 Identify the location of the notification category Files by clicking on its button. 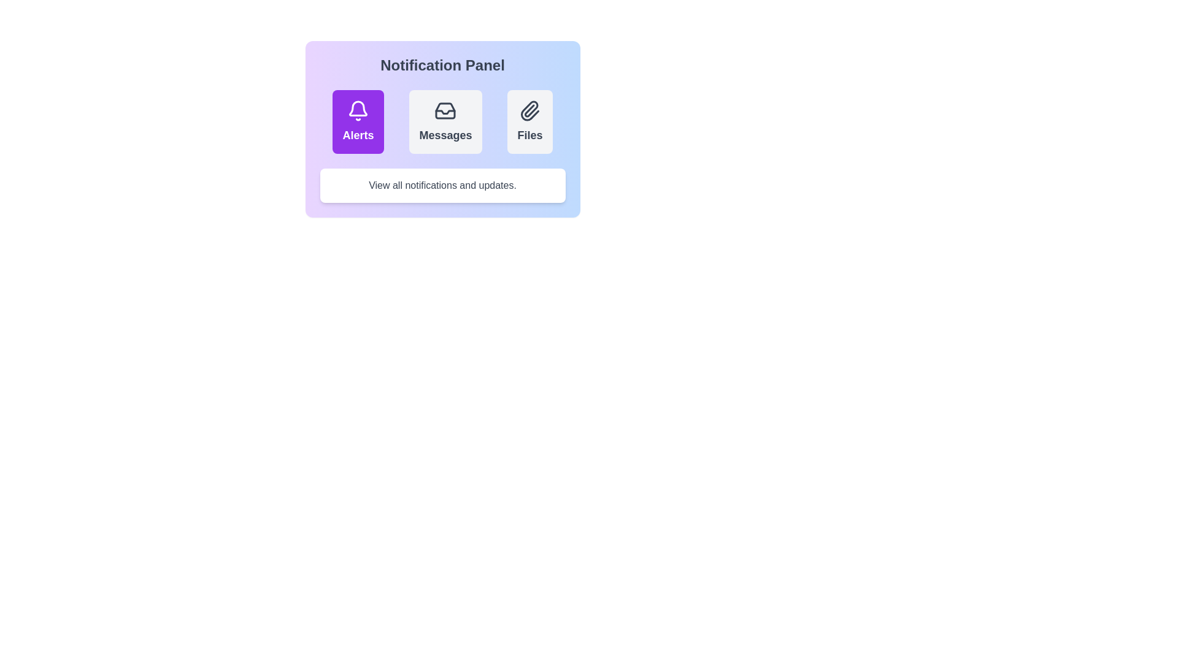
(530, 122).